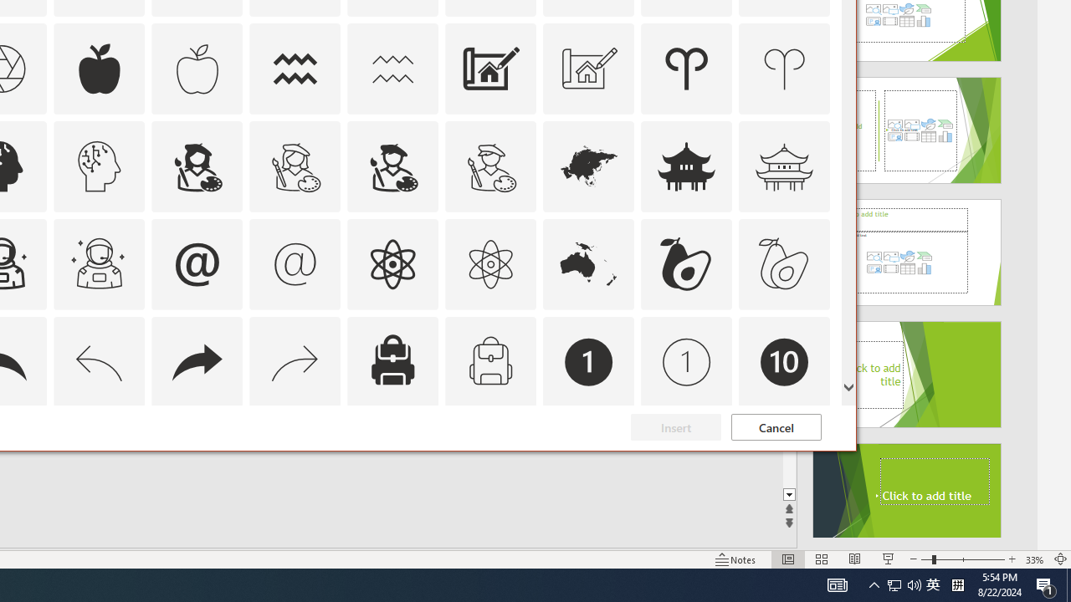 The image size is (1071, 602). What do you see at coordinates (99, 166) in the screenshot?
I see `'AutomationID: Icons_ArtificialIntelligence_M'` at bounding box center [99, 166].